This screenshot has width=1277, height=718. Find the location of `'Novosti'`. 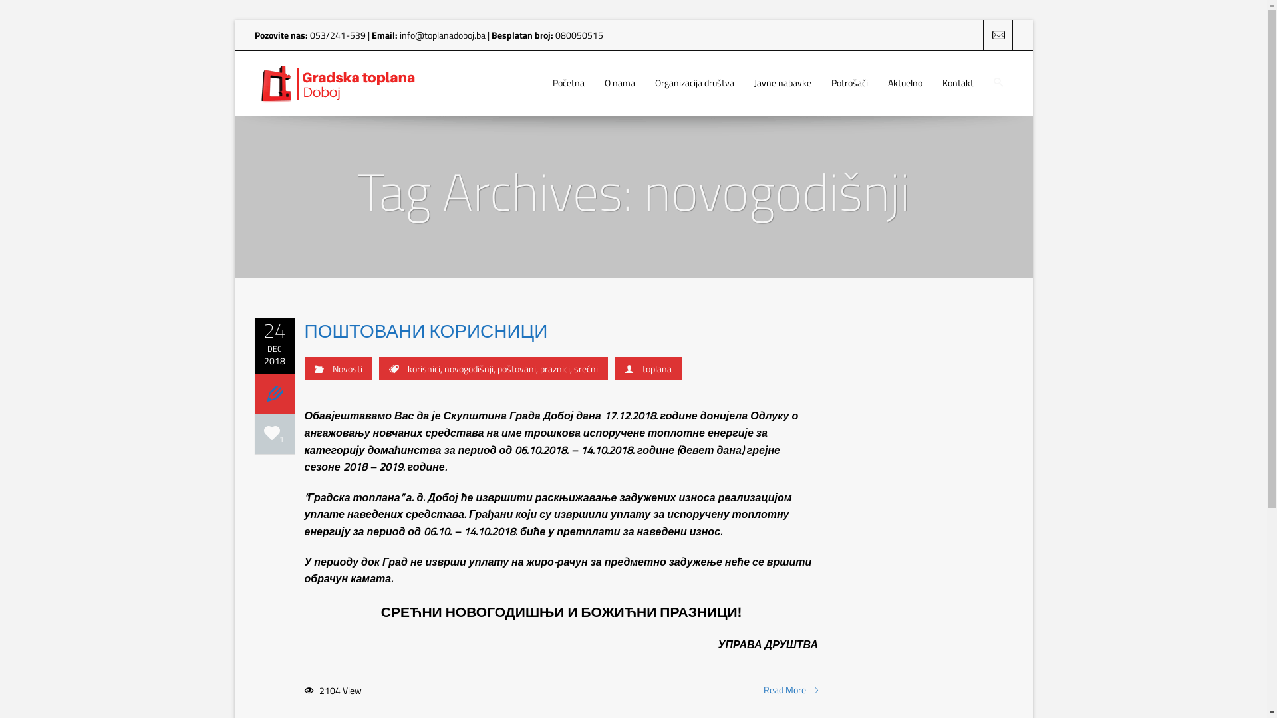

'Novosti' is located at coordinates (347, 368).